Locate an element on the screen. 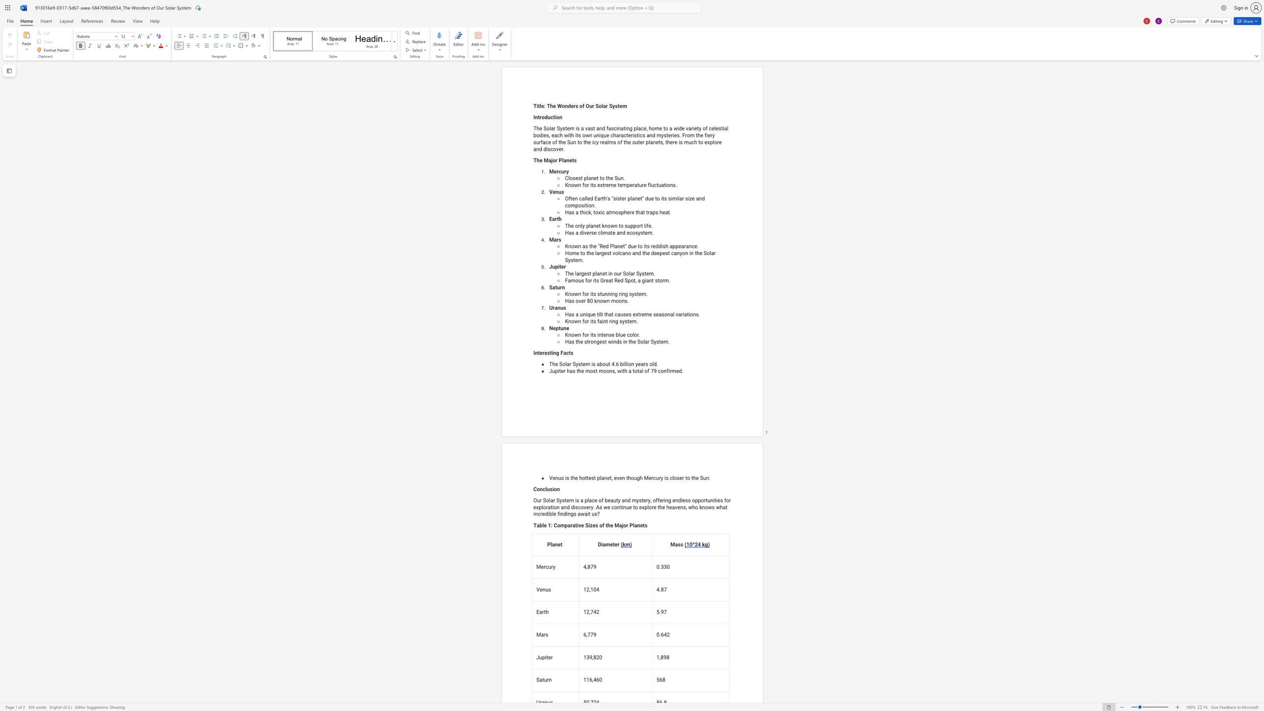 The height and width of the screenshot is (711, 1264). the subset text "yste" within the text "Known for its faint ring system." is located at coordinates (622, 320).